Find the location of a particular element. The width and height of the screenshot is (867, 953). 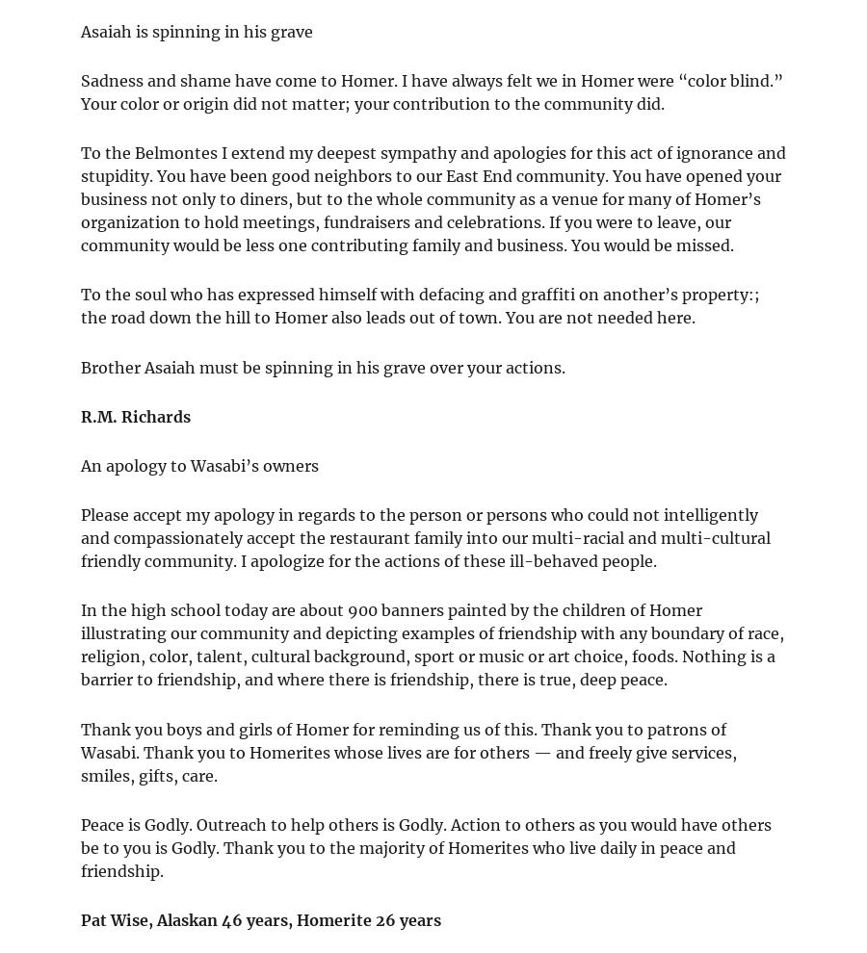

'Peace is Godly. Outreach to help others is Godly. Action to others as you would have others be to you is Godly. Thank you to the majority of Homerites who live daily in peace and friendship.' is located at coordinates (79, 847).